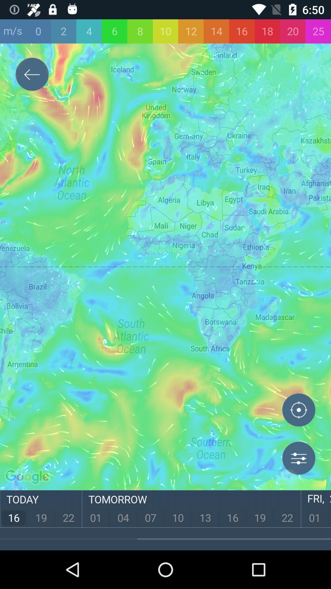 The image size is (331, 589). I want to click on options, so click(299, 458).